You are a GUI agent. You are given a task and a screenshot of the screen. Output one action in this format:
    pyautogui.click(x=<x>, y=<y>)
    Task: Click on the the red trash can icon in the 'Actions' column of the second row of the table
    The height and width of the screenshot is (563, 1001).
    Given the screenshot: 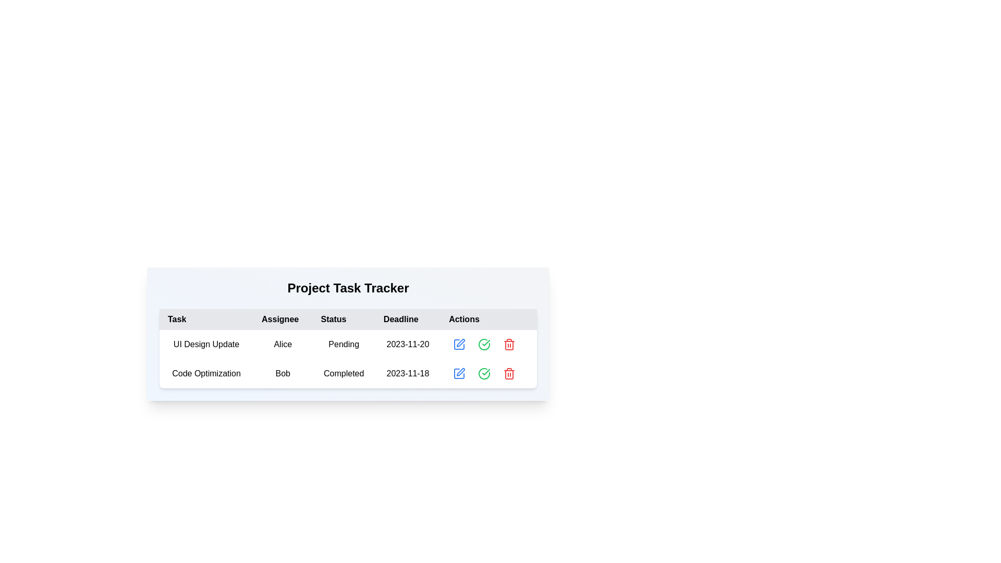 What is the action you would take?
    pyautogui.click(x=509, y=373)
    